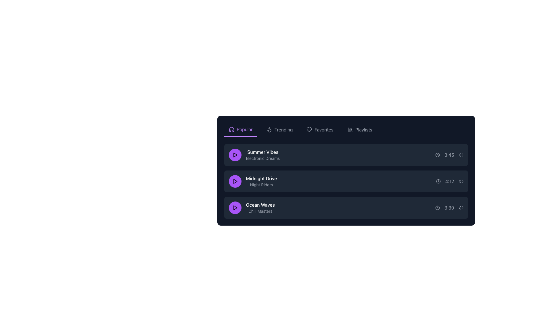 The image size is (552, 310). What do you see at coordinates (463, 181) in the screenshot?
I see `the loudest sound wave icon in the volume component, which is the outermost curve of the sound wave icon located to the right of the song list` at bounding box center [463, 181].